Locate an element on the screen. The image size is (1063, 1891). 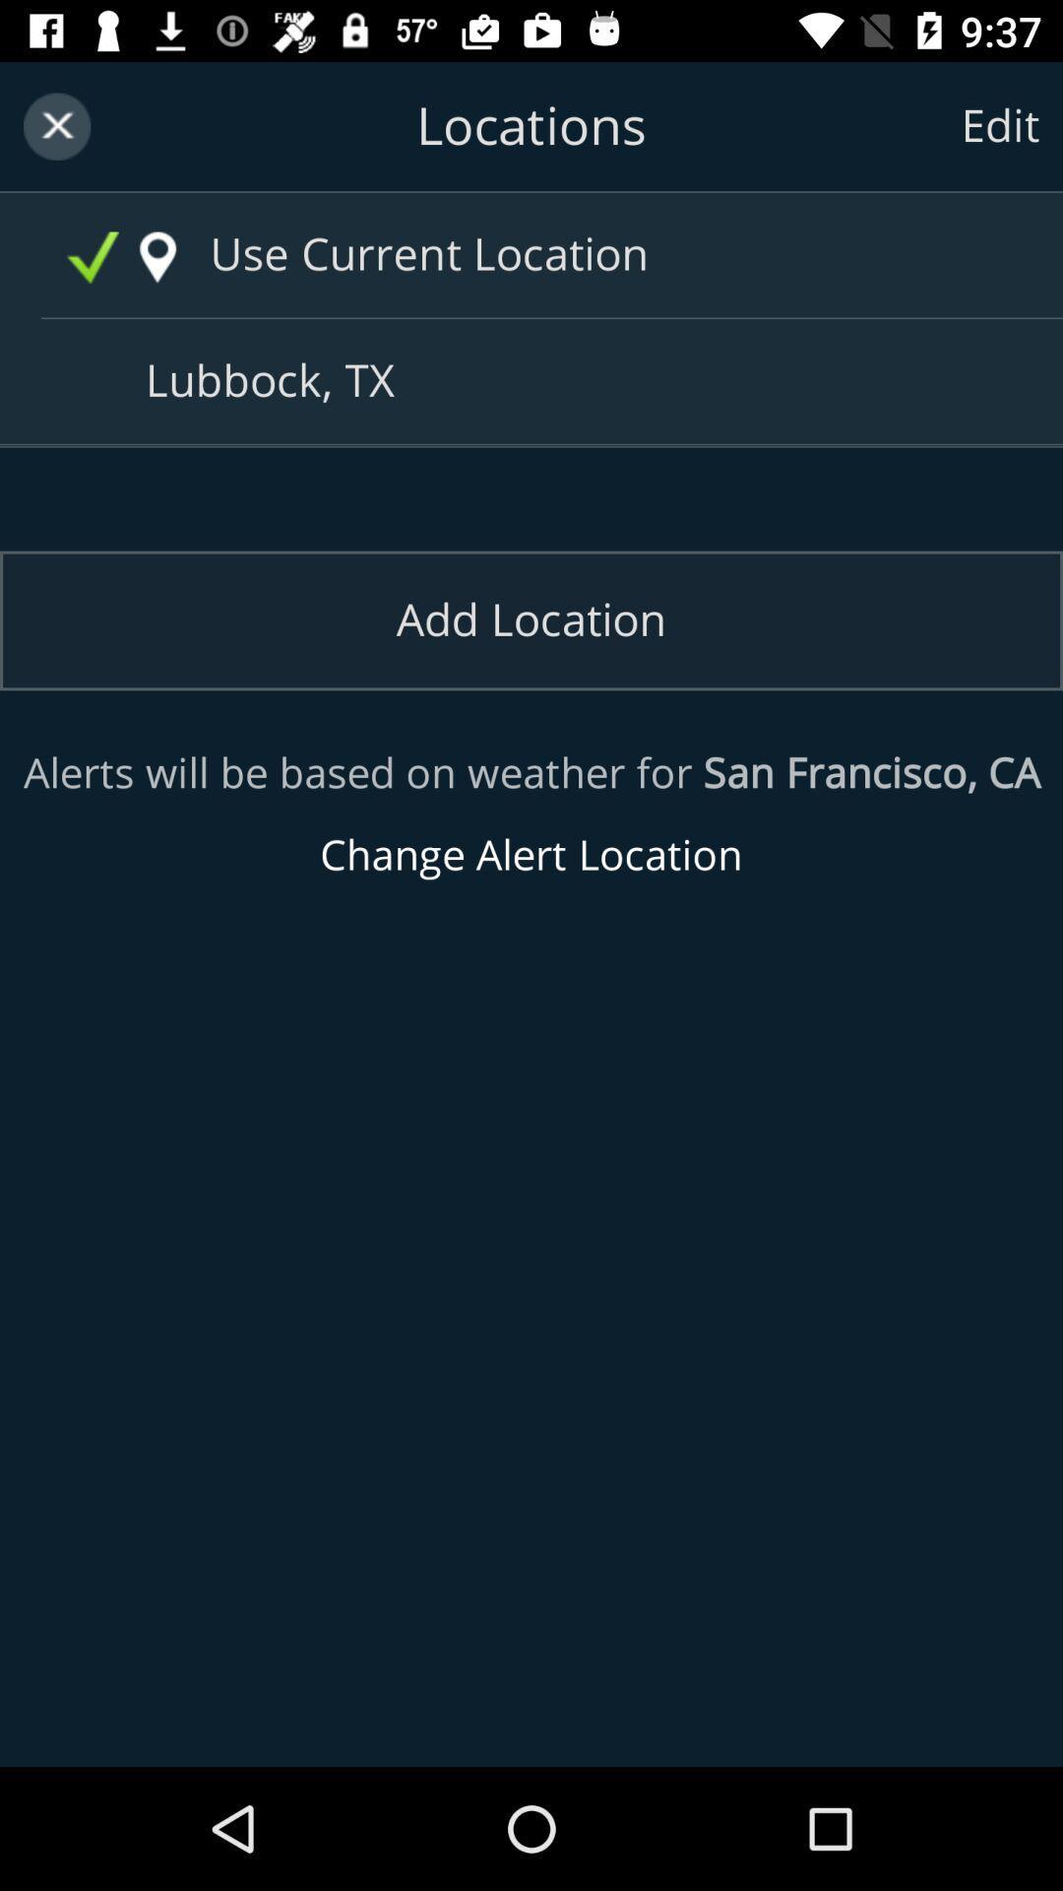
the text to the right of location icon is located at coordinates (572, 254).